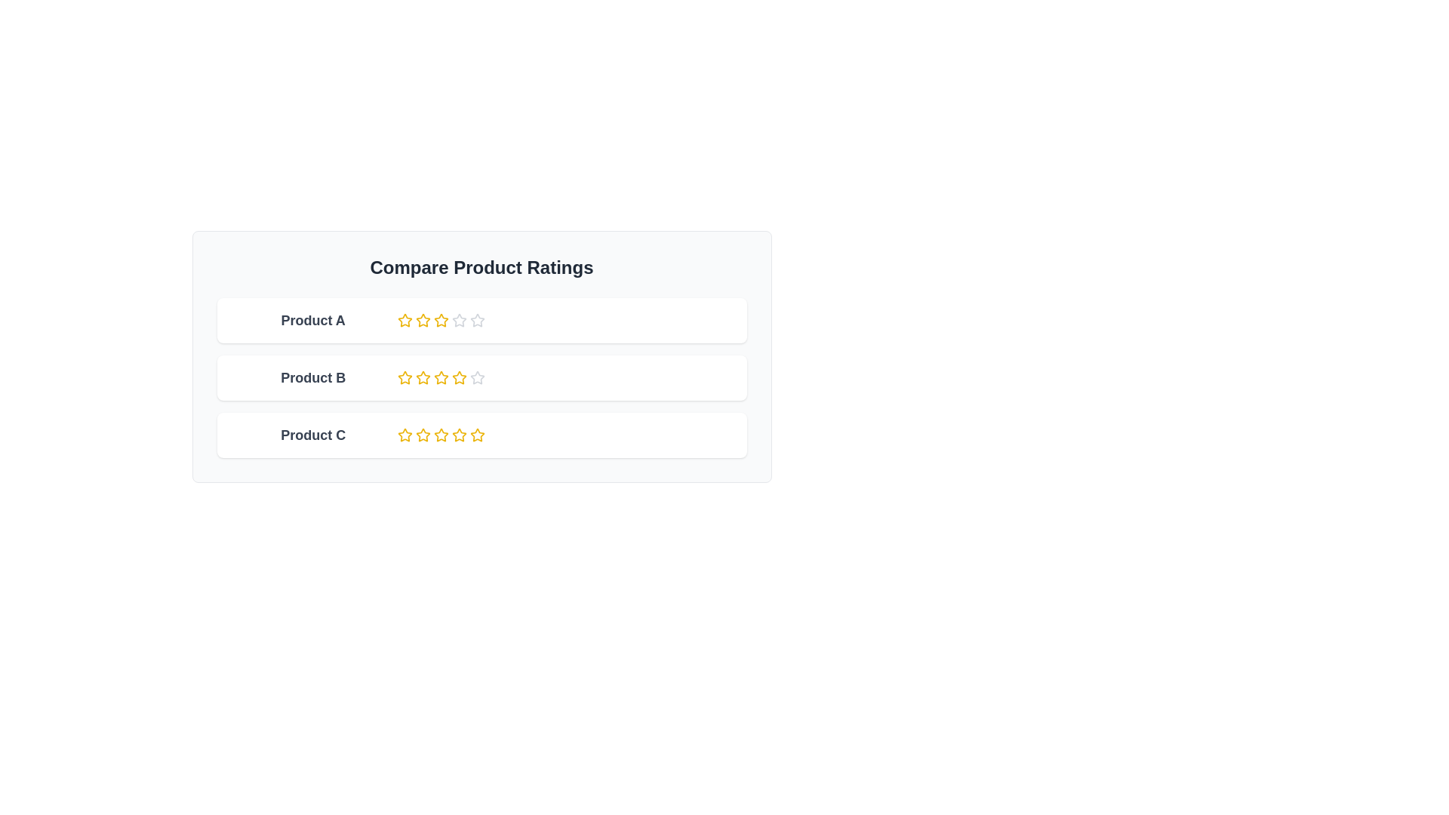  I want to click on the highlighted fifth star in the horizontal star rating component for 'Product C' to rate the product, so click(481, 435).